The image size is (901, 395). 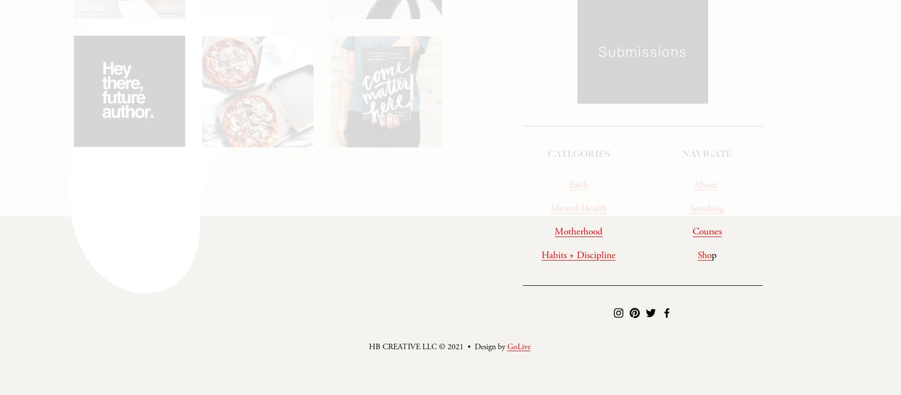 What do you see at coordinates (578, 157) in the screenshot?
I see `'CATEGORIES'` at bounding box center [578, 157].